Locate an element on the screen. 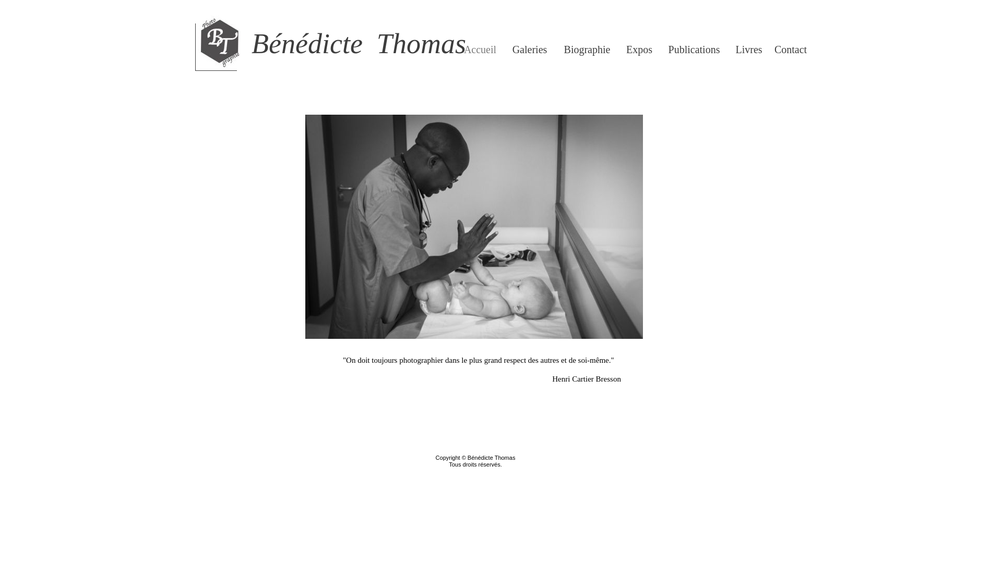 The image size is (1002, 563). 'Contact' is located at coordinates (791, 50).